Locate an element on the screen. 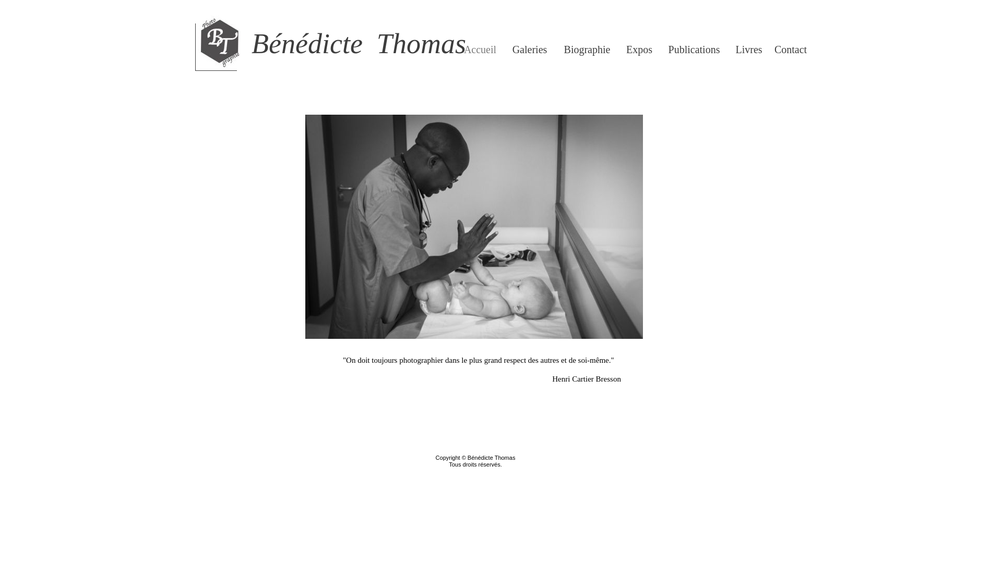 The image size is (1002, 563). 'Contact' is located at coordinates (791, 50).